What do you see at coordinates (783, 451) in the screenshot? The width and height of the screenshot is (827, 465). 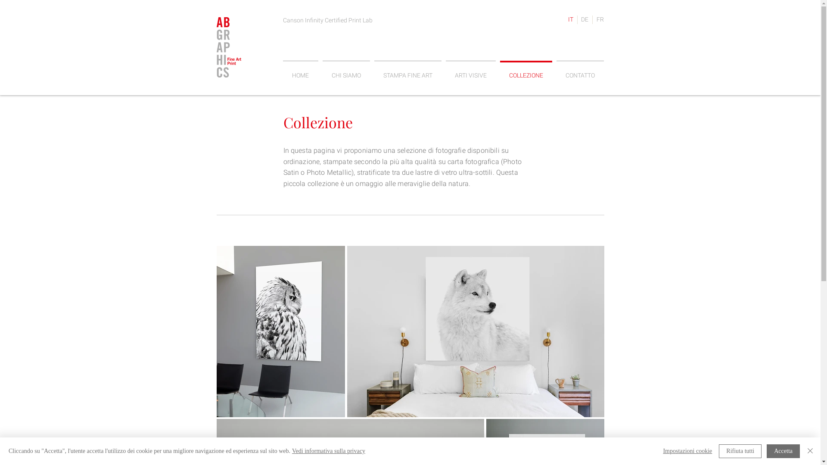 I see `'Accetta'` at bounding box center [783, 451].